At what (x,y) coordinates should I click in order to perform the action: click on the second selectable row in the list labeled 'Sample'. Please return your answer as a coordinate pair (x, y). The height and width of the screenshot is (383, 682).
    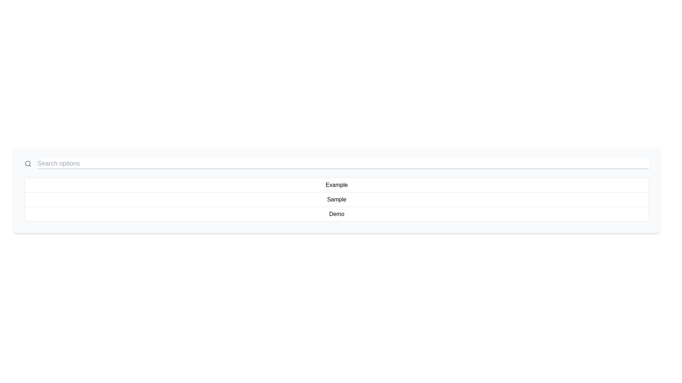
    Looking at the image, I should click on (336, 199).